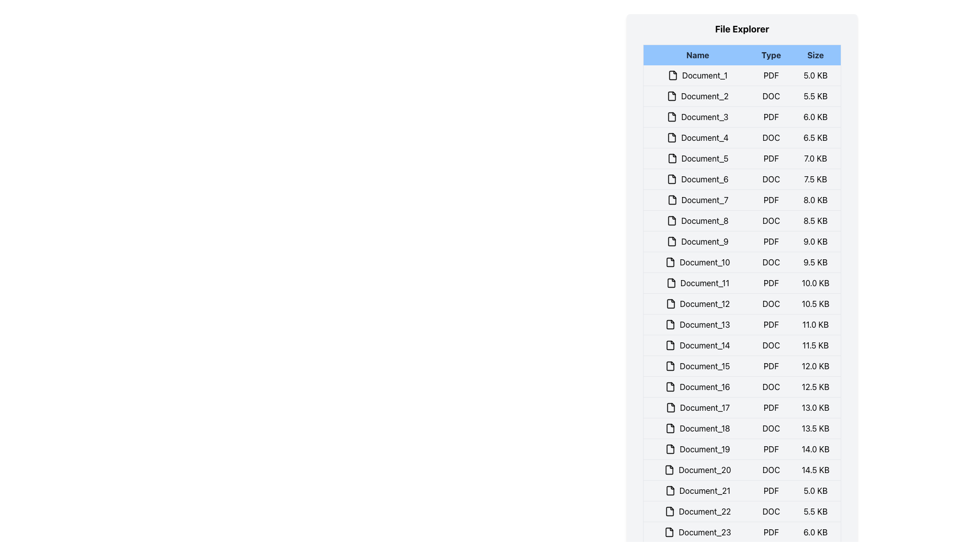 The height and width of the screenshot is (547, 973). I want to click on the size information displayed as '5.0 KB' in bold text, located in the 'Size' column of the file-list table for 'Document_1', so click(815, 75).